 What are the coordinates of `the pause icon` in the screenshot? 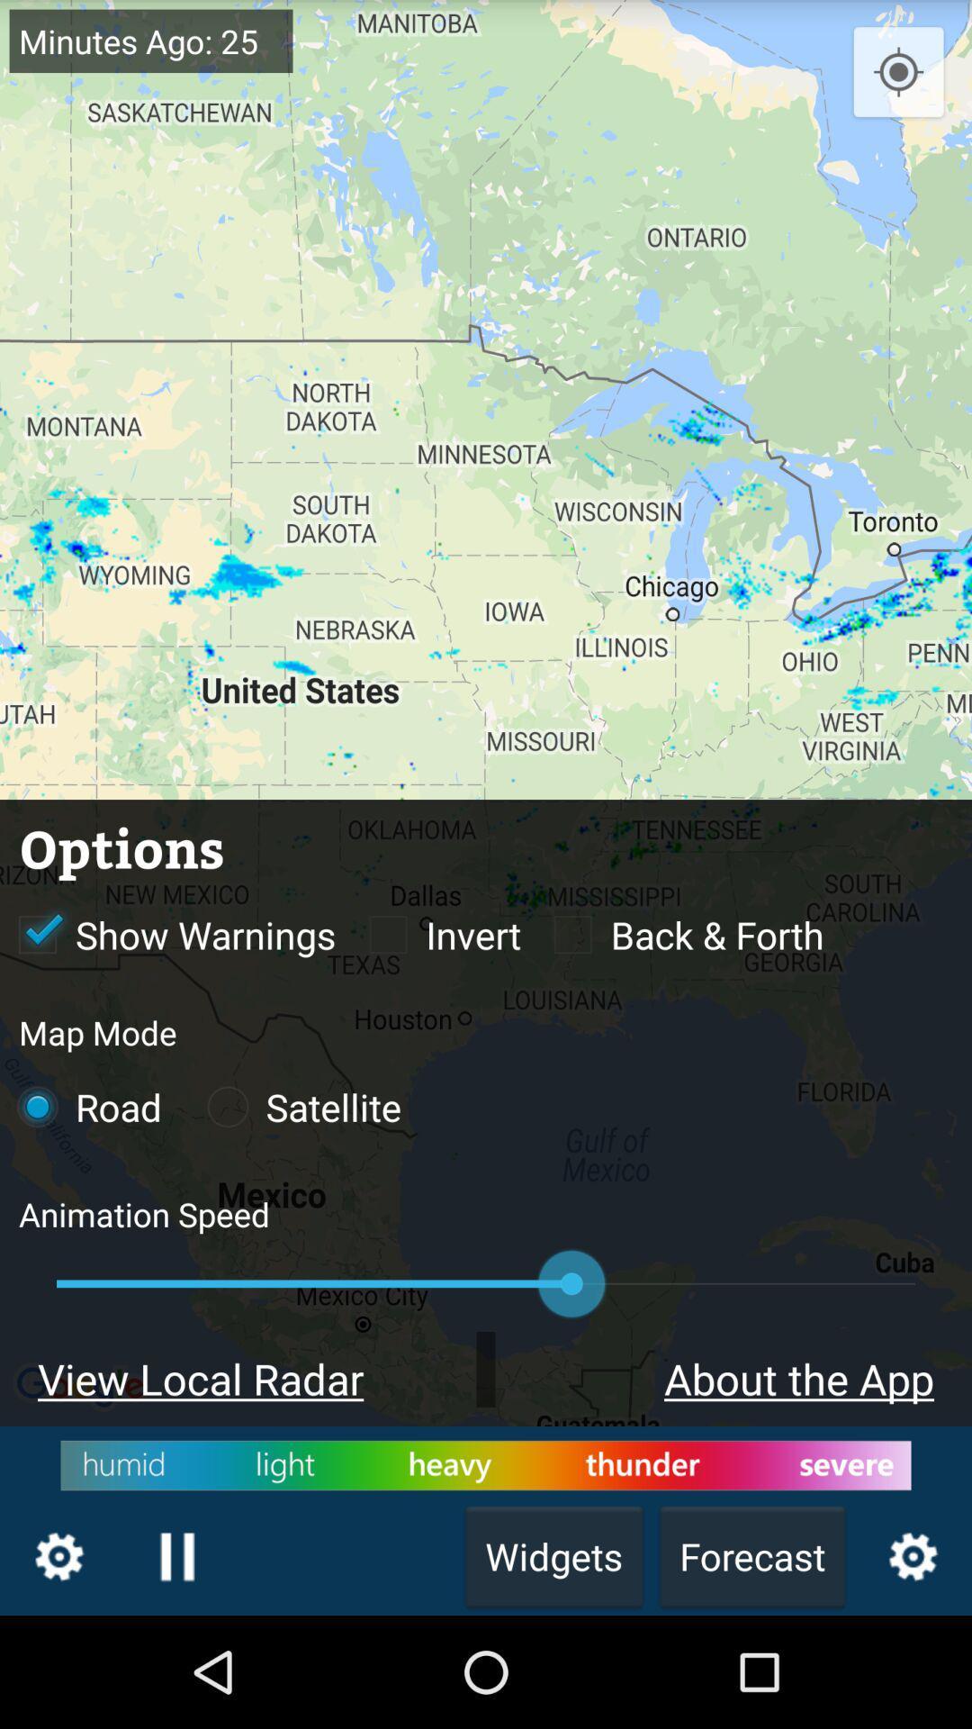 It's located at (176, 1664).